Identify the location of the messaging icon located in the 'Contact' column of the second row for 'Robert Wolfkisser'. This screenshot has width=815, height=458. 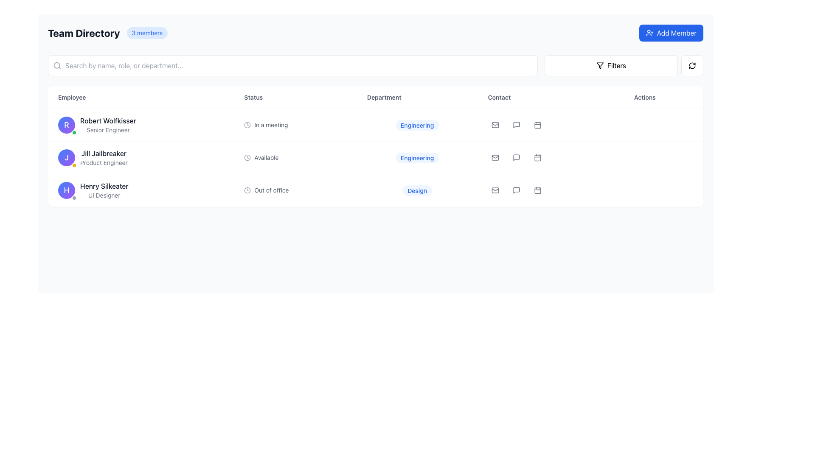
(516, 125).